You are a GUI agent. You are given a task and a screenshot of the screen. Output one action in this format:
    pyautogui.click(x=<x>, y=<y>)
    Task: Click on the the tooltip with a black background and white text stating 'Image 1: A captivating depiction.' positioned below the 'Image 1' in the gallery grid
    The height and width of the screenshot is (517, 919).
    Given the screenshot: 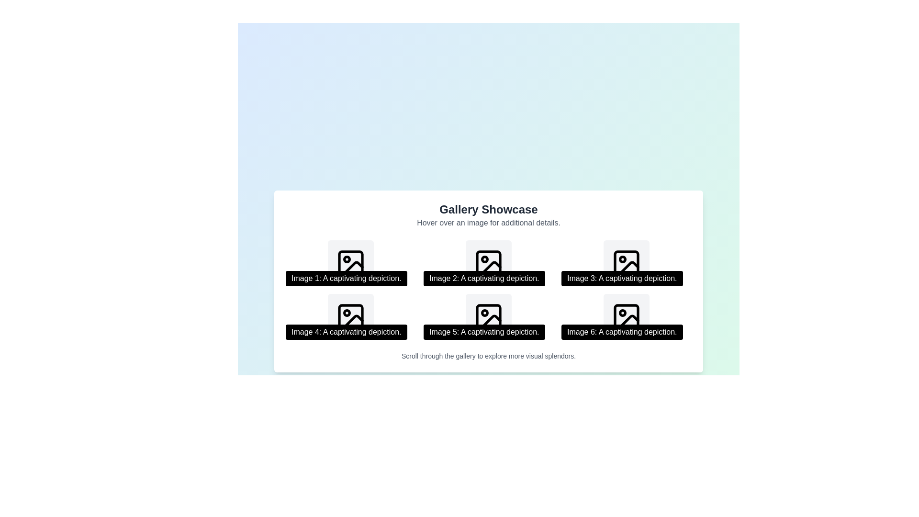 What is the action you would take?
    pyautogui.click(x=346, y=279)
    